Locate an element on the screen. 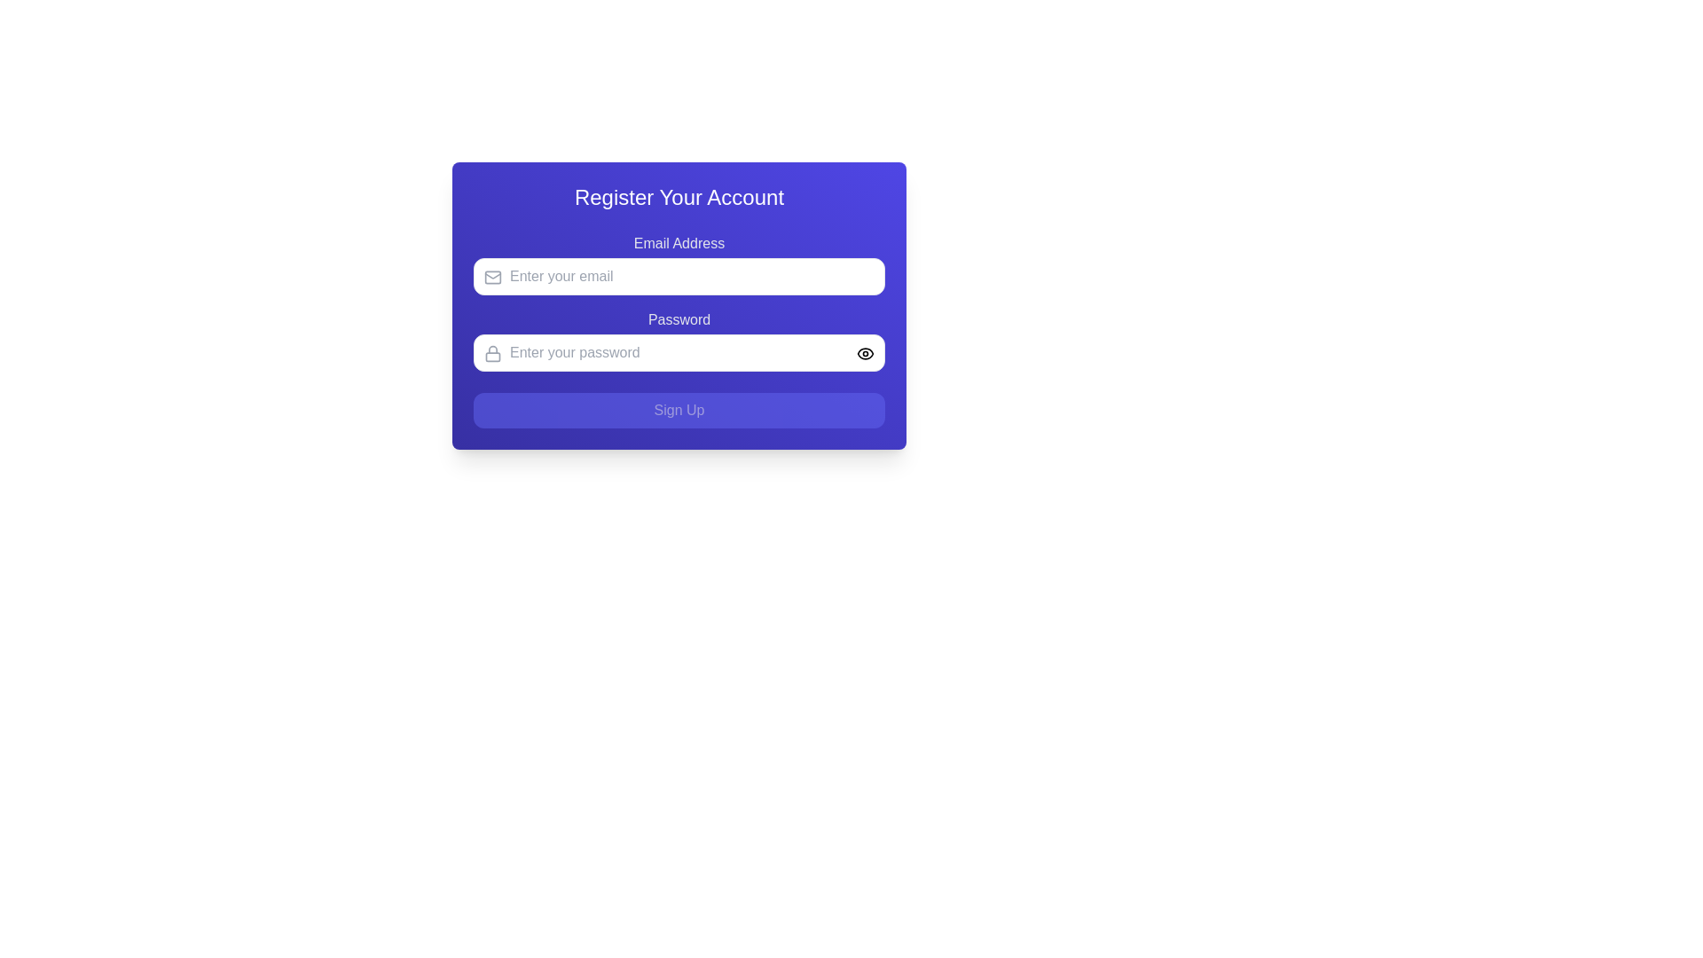 The image size is (1703, 958). the email input icon that signifies the adjacent input field for entering an email address is located at coordinates (493, 277).